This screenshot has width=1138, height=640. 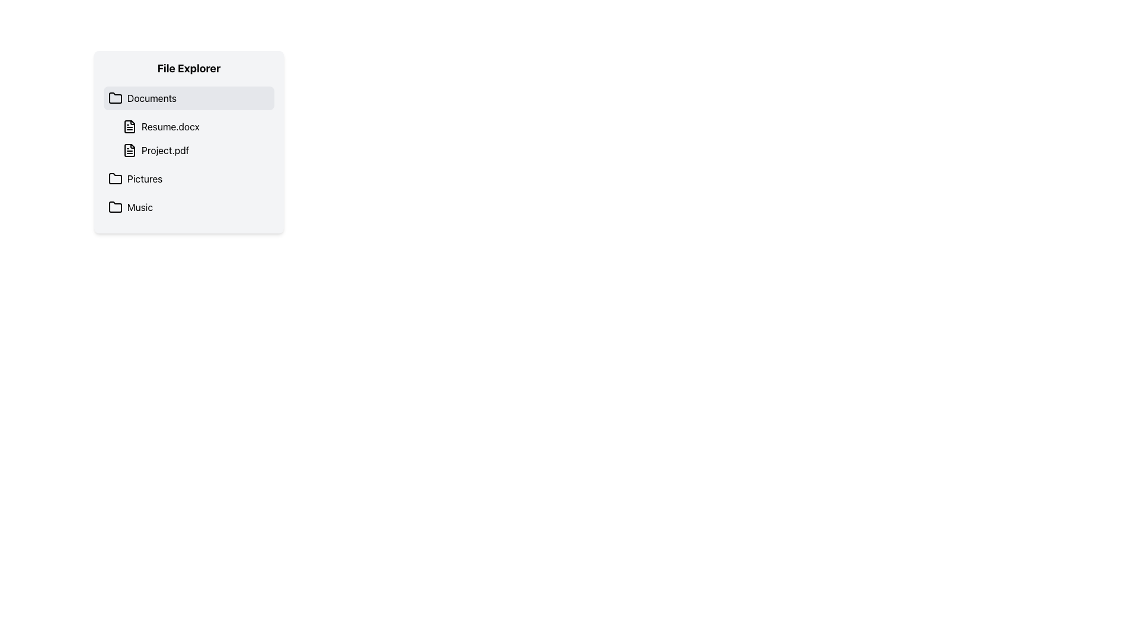 I want to click on the graphical icon representing the PDF file "Project.pdf" in the File Explorer section, so click(x=130, y=150).